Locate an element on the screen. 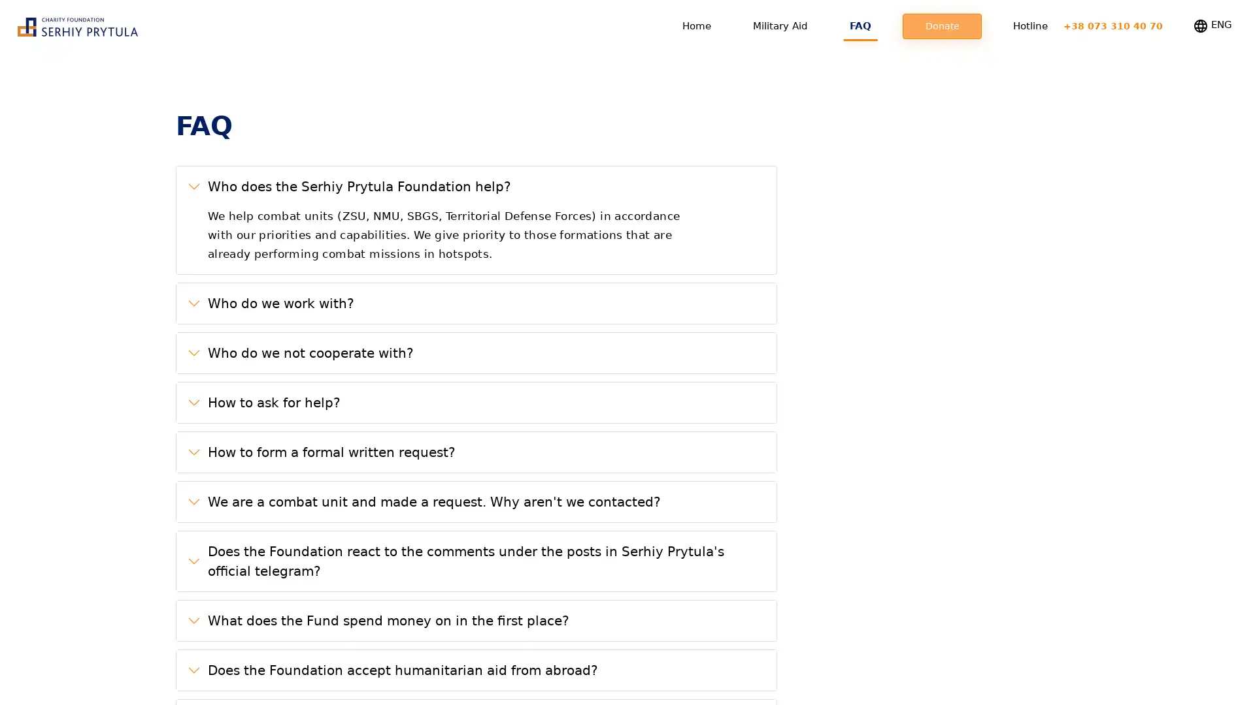  Who does the Serhiy Prytula Foundation help? is located at coordinates (475, 186).